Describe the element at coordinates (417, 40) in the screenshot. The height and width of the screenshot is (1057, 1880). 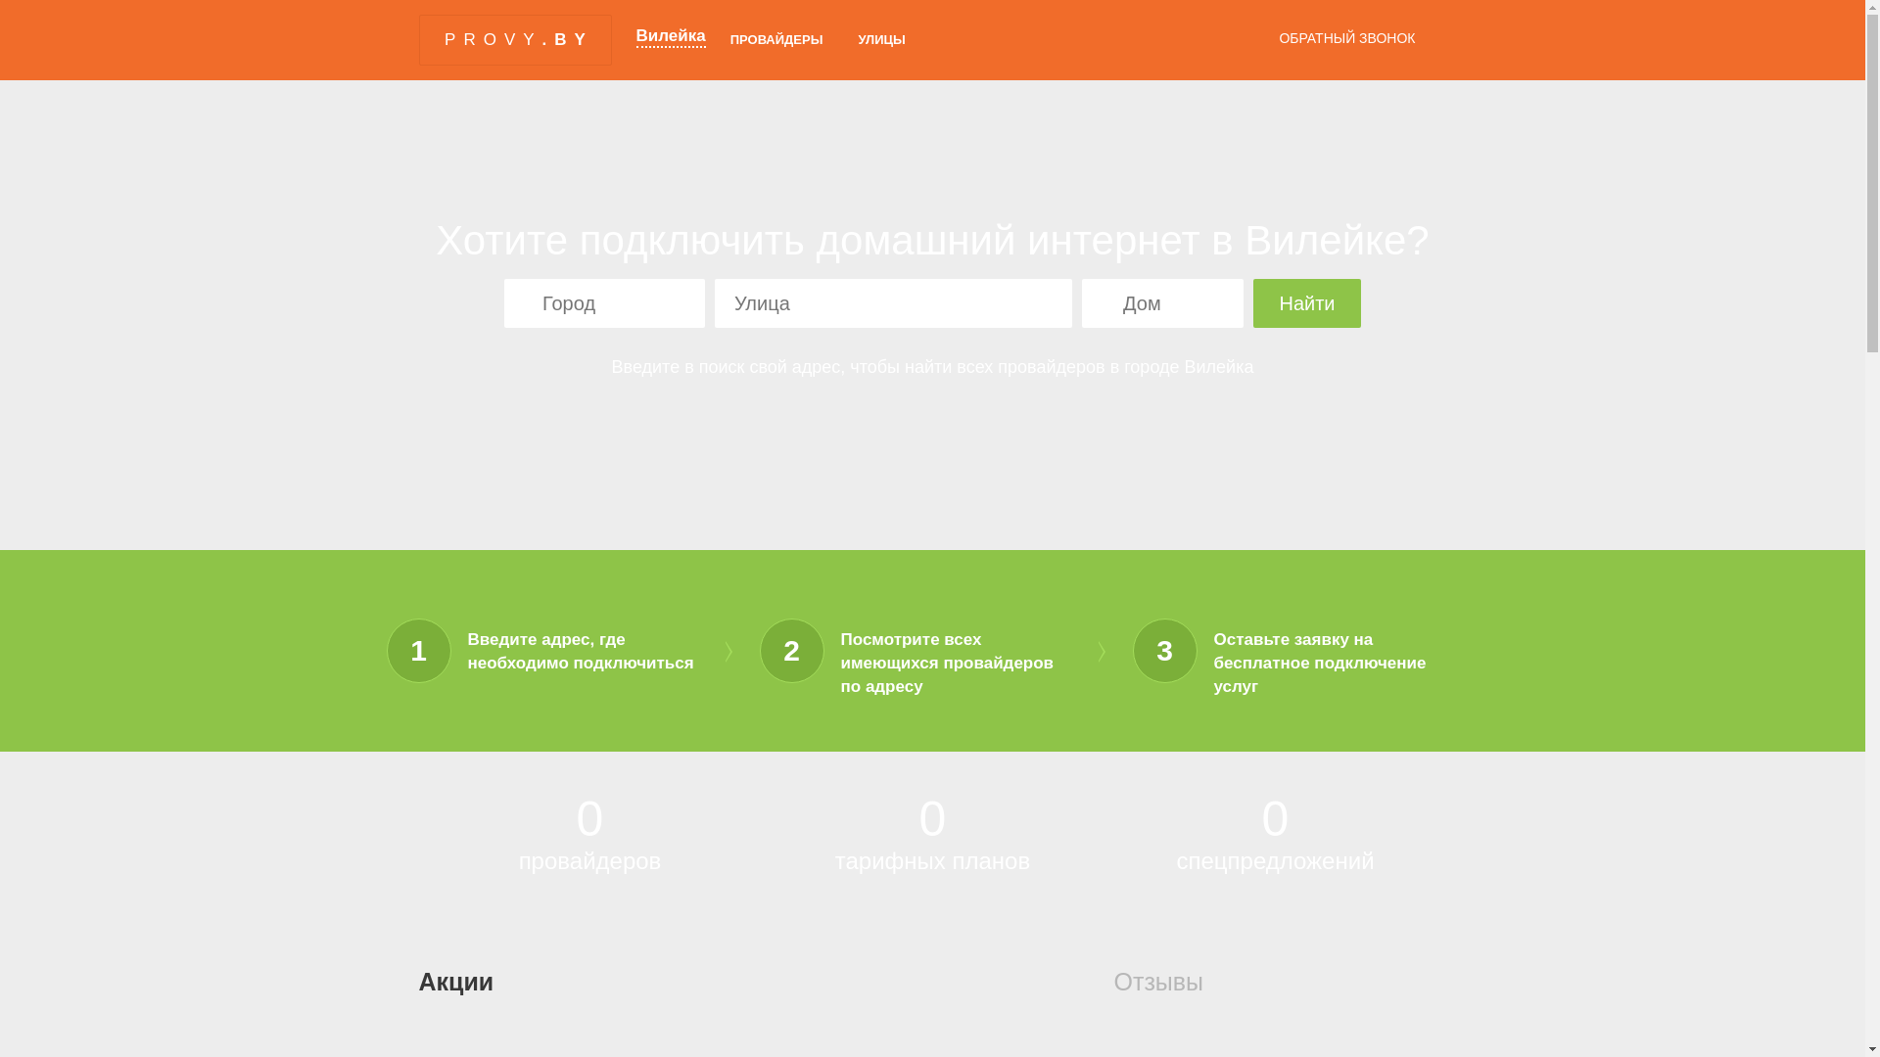
I see `'PROVY.BY'` at that location.